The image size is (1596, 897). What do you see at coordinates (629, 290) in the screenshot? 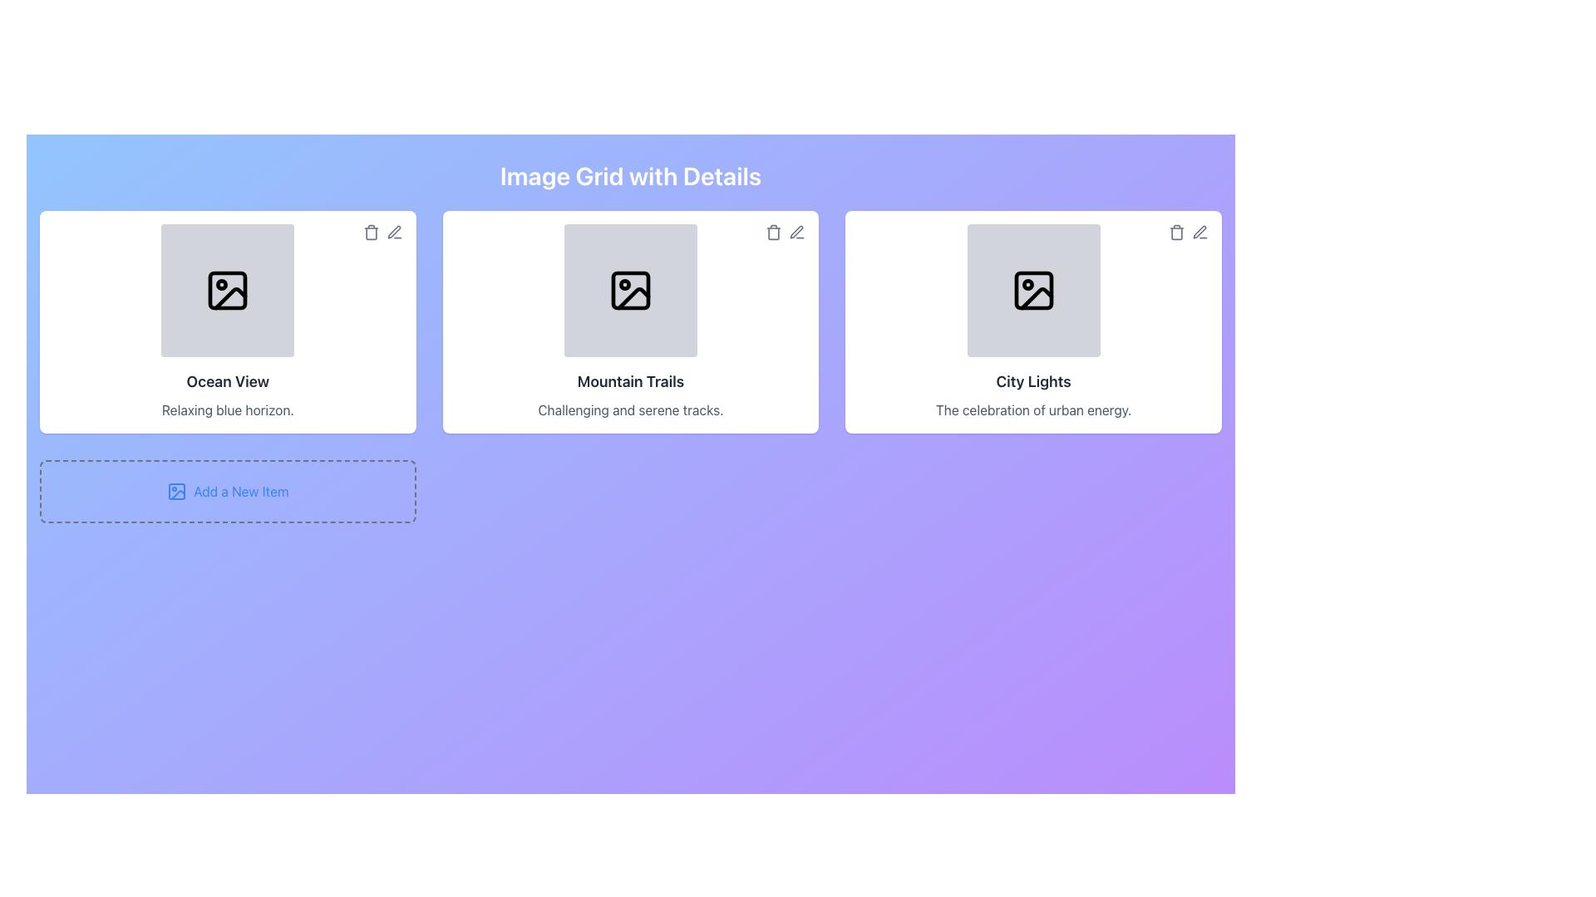
I see `the photo frame icon located in the 'Mountain Trails' tile of the grid, which is represented by a small circle and a diagonal line against a light gray background` at bounding box center [629, 290].